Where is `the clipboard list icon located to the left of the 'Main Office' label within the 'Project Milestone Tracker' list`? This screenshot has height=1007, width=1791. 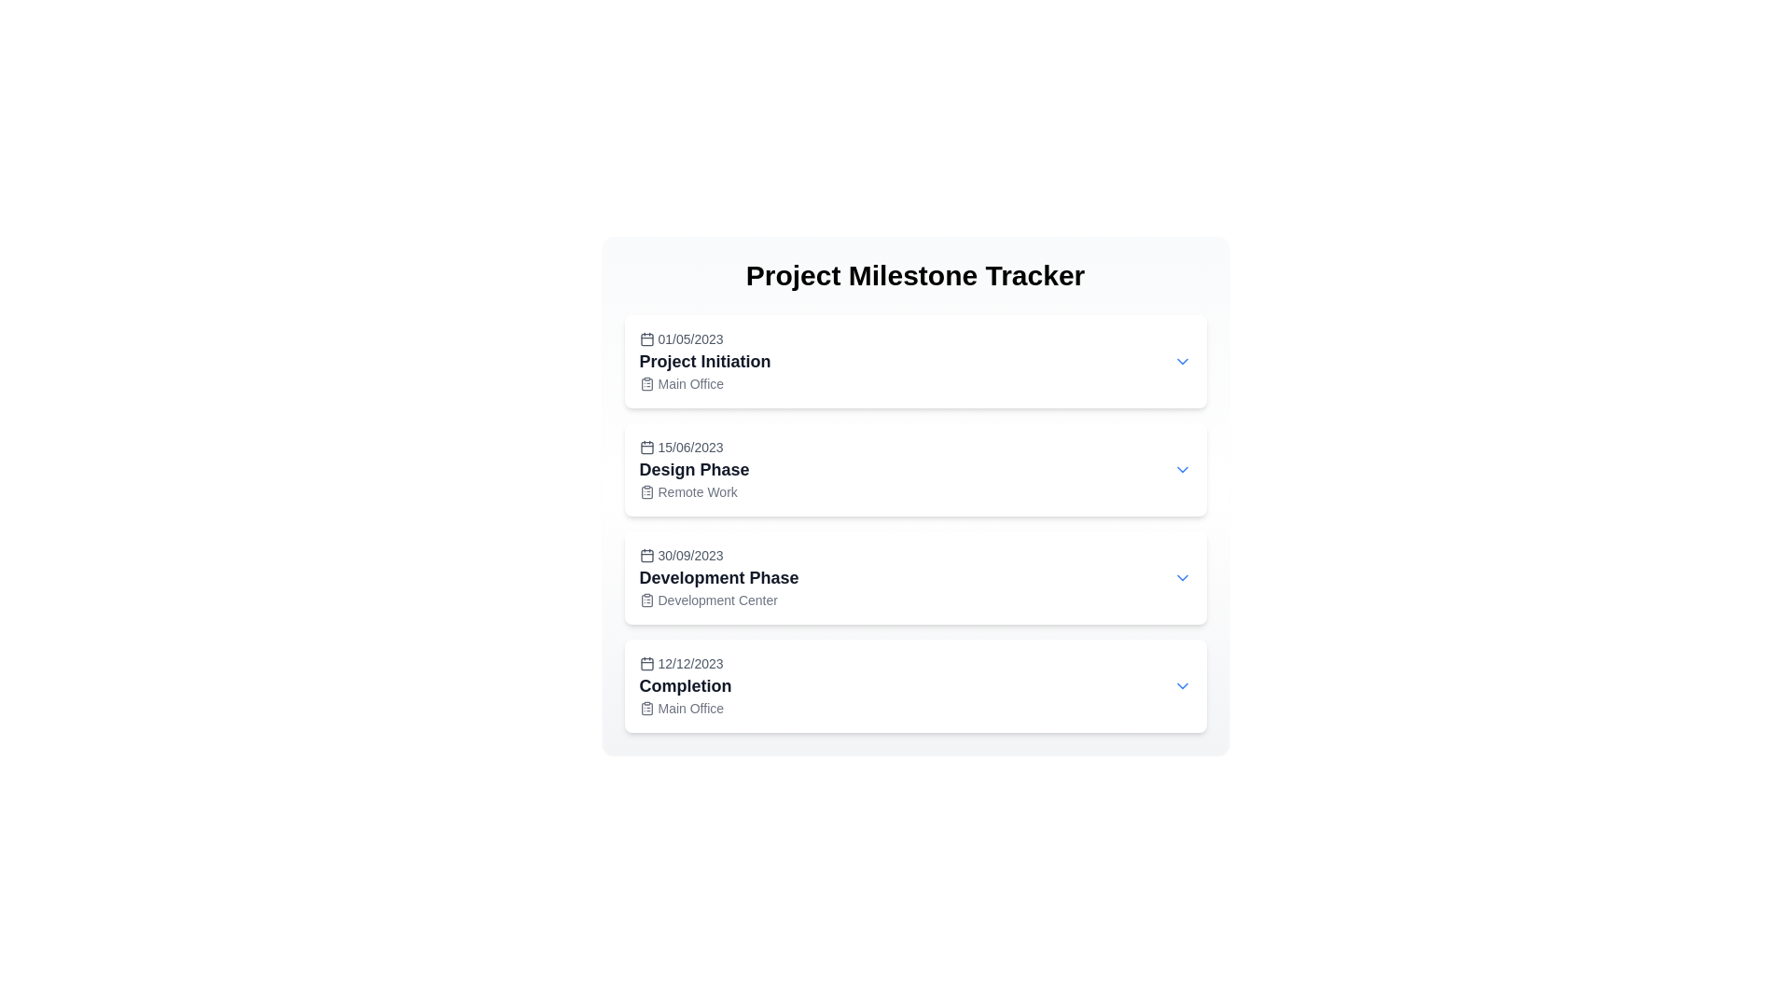
the clipboard list icon located to the left of the 'Main Office' label within the 'Project Milestone Tracker' list is located at coordinates (646, 383).